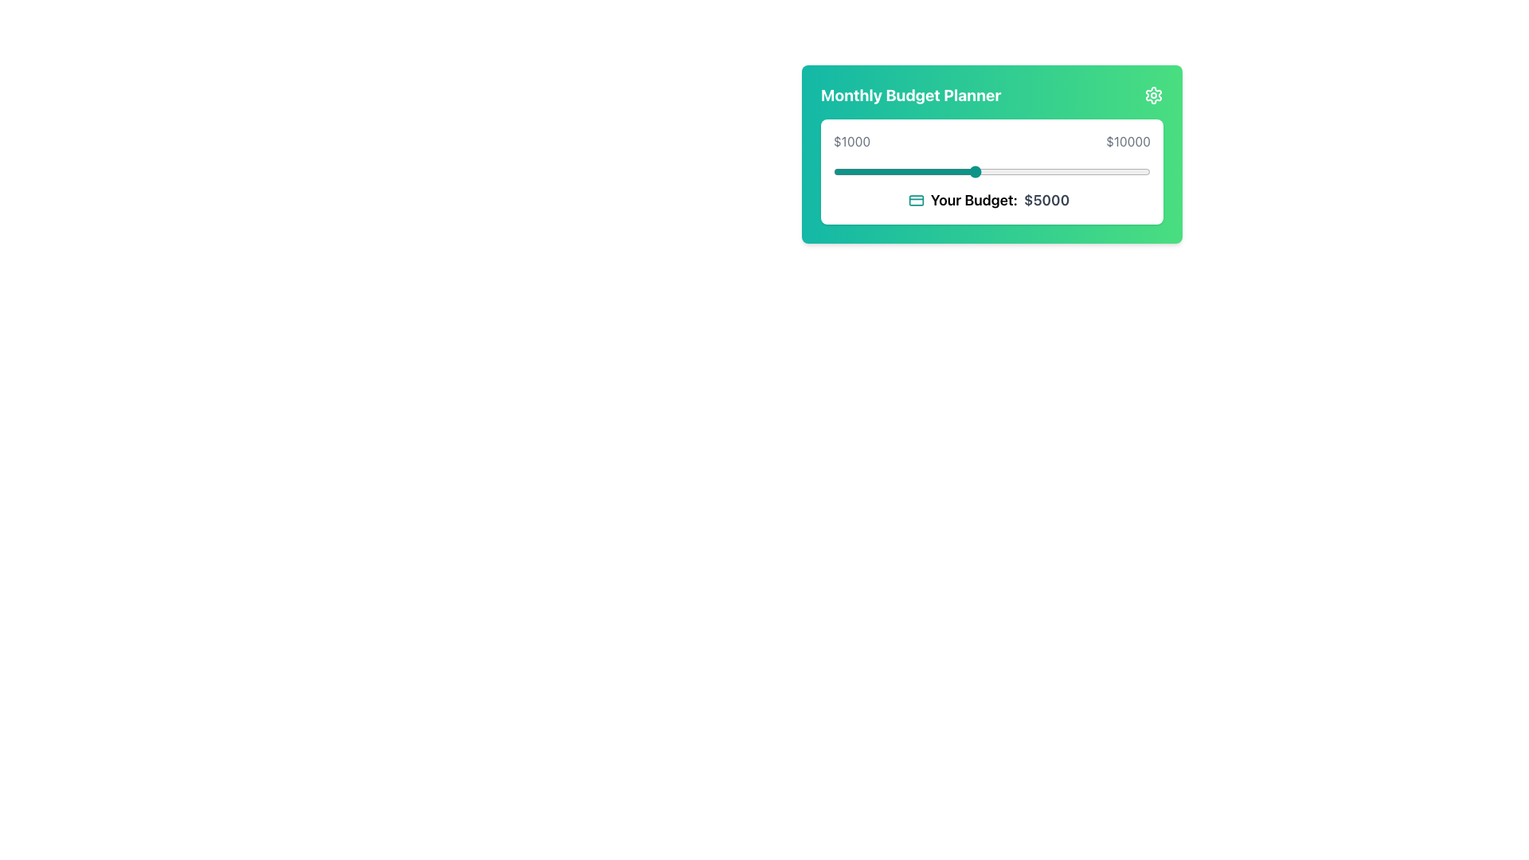  Describe the element at coordinates (991, 172) in the screenshot. I see `the gray label displaying the value '$1000' on the interactive slider for more information` at that location.